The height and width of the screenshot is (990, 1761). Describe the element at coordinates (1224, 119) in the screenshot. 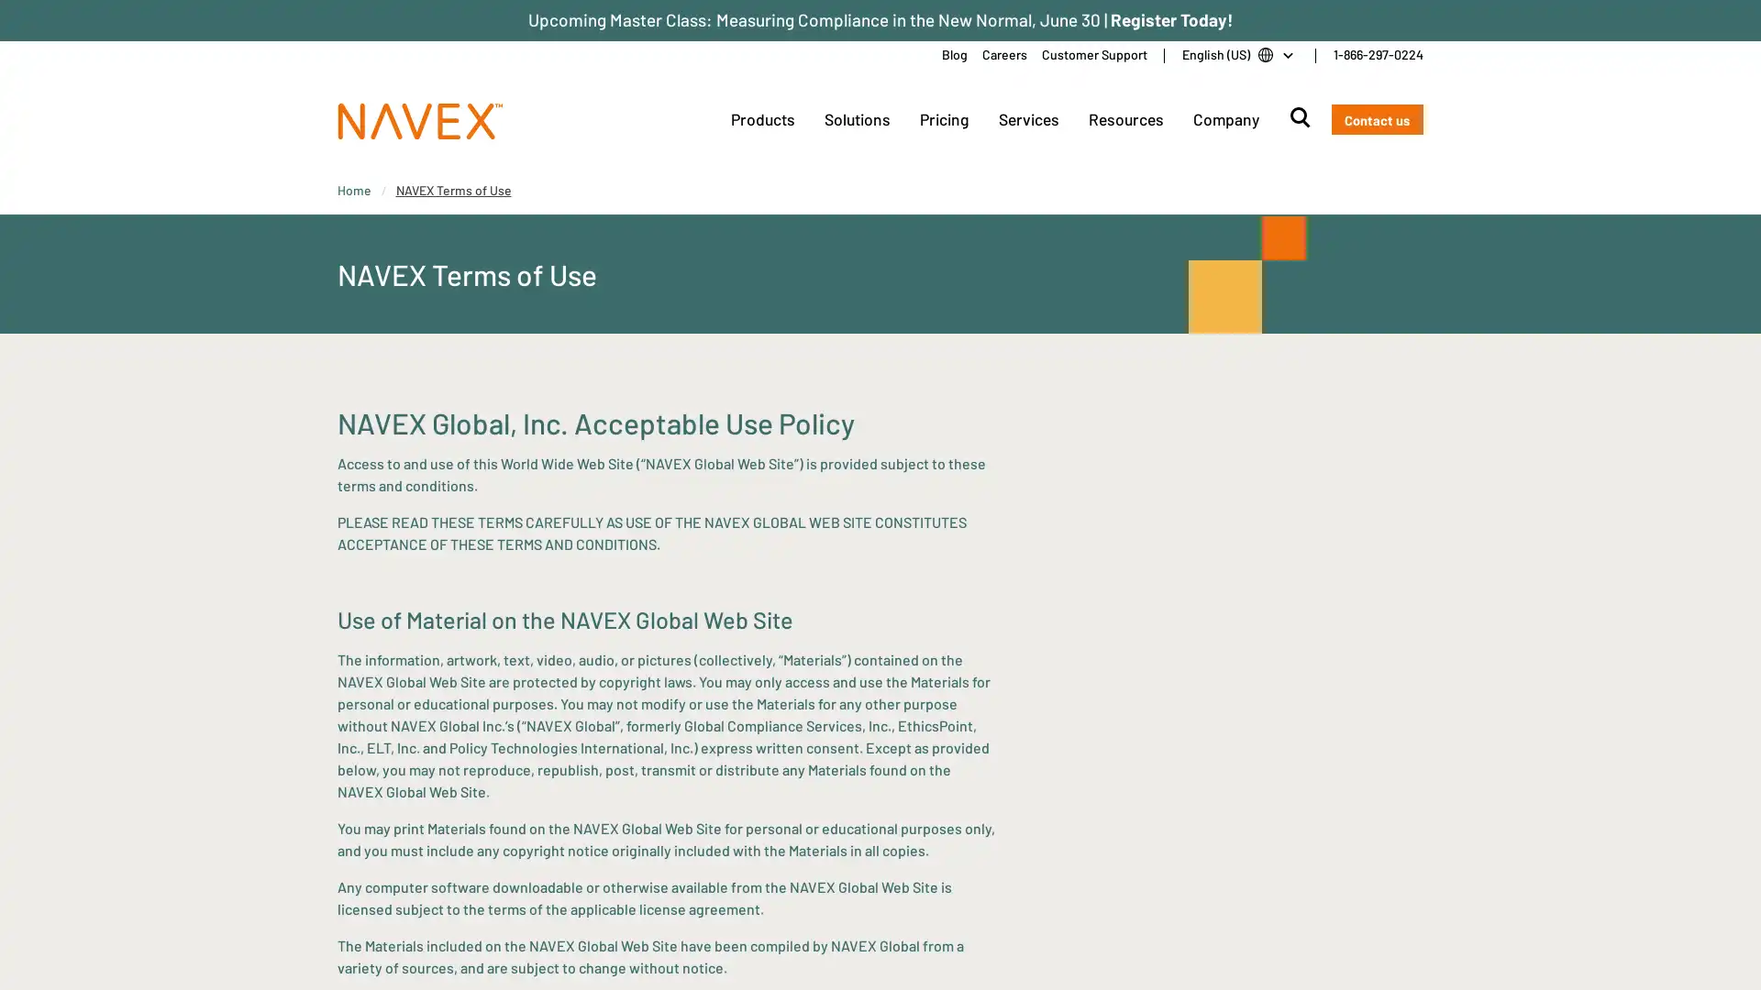

I see `Company` at that location.